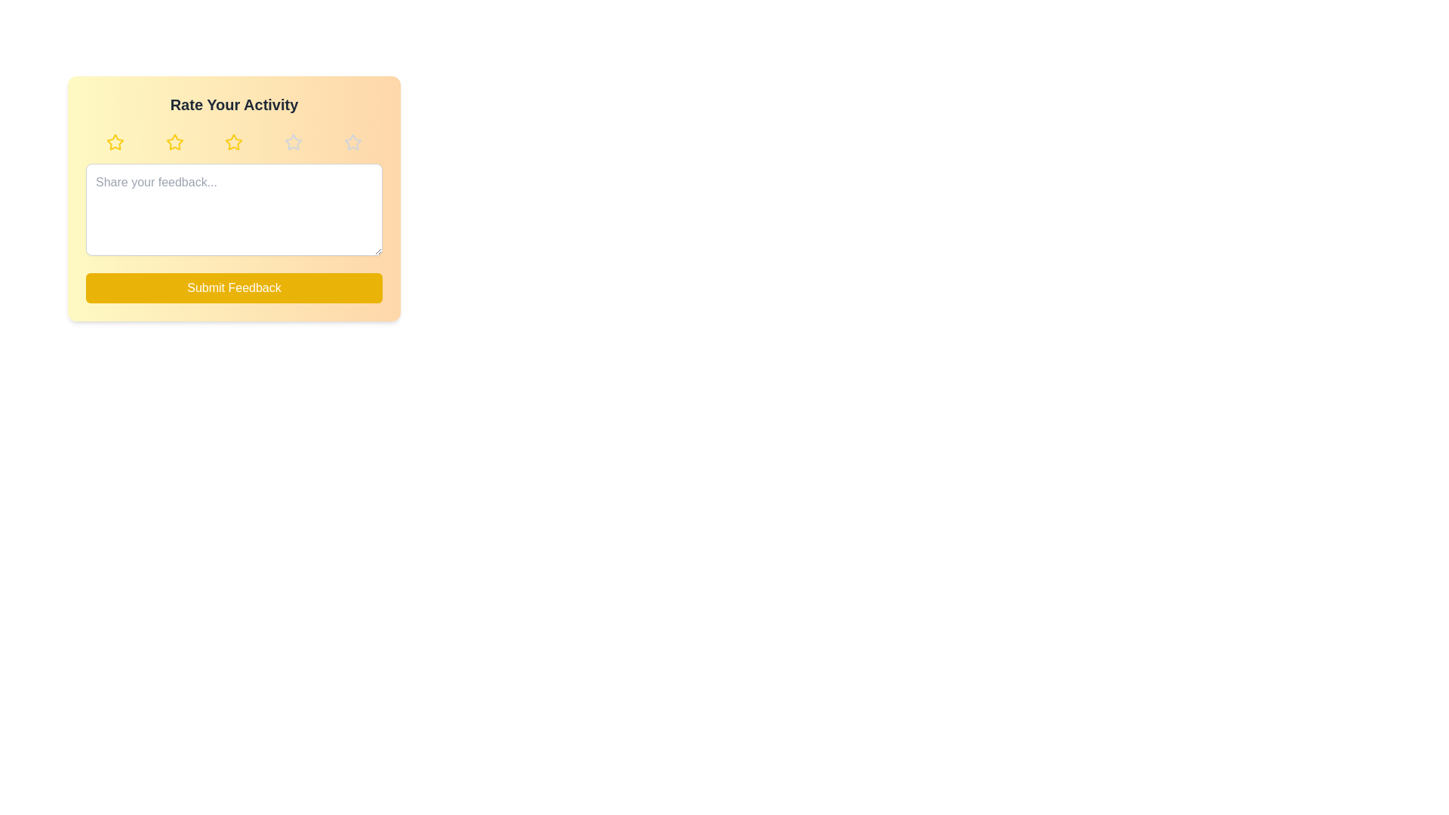 The height and width of the screenshot is (815, 1449). Describe the element at coordinates (174, 143) in the screenshot. I see `the rating to 2 stars by clicking the corresponding star` at that location.